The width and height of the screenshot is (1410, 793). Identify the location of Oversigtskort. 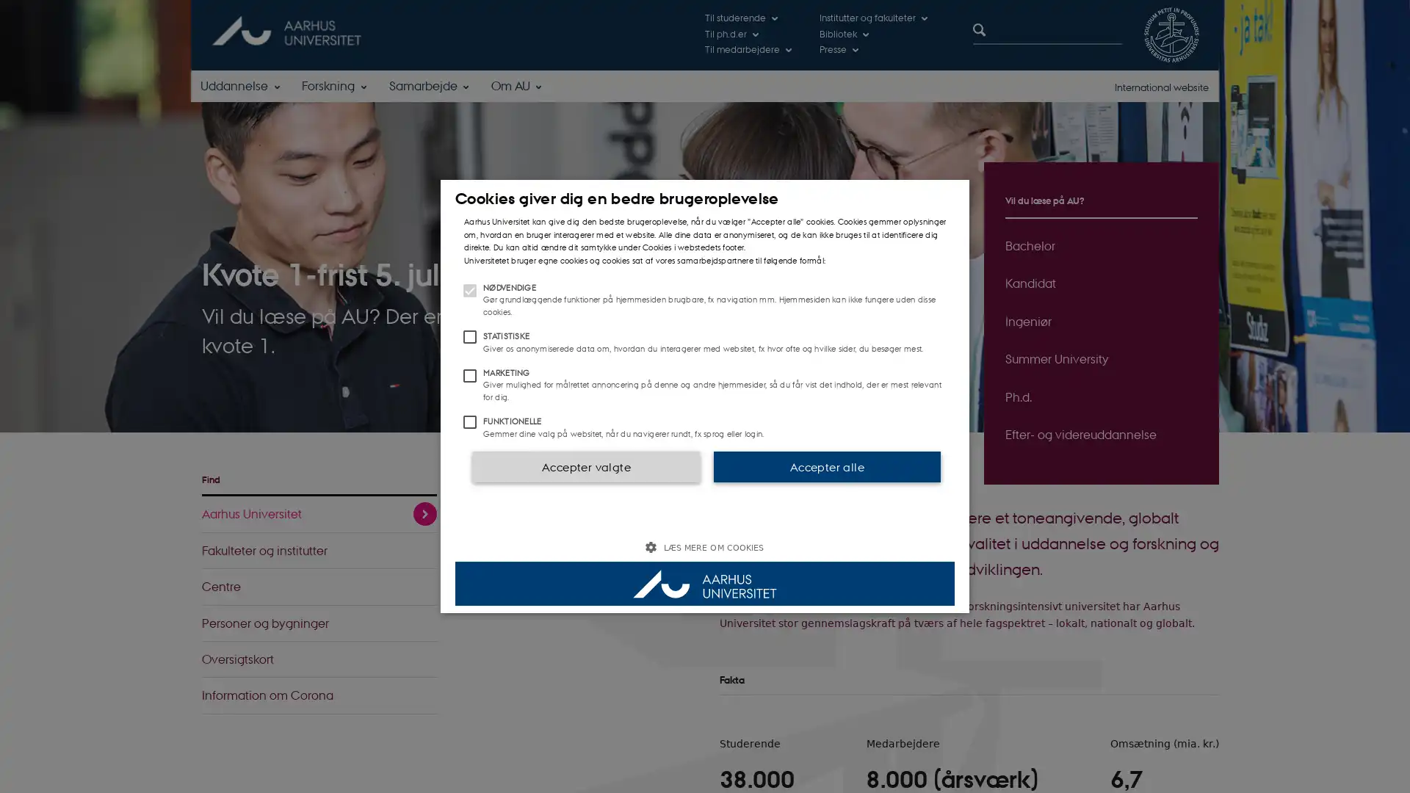
(319, 658).